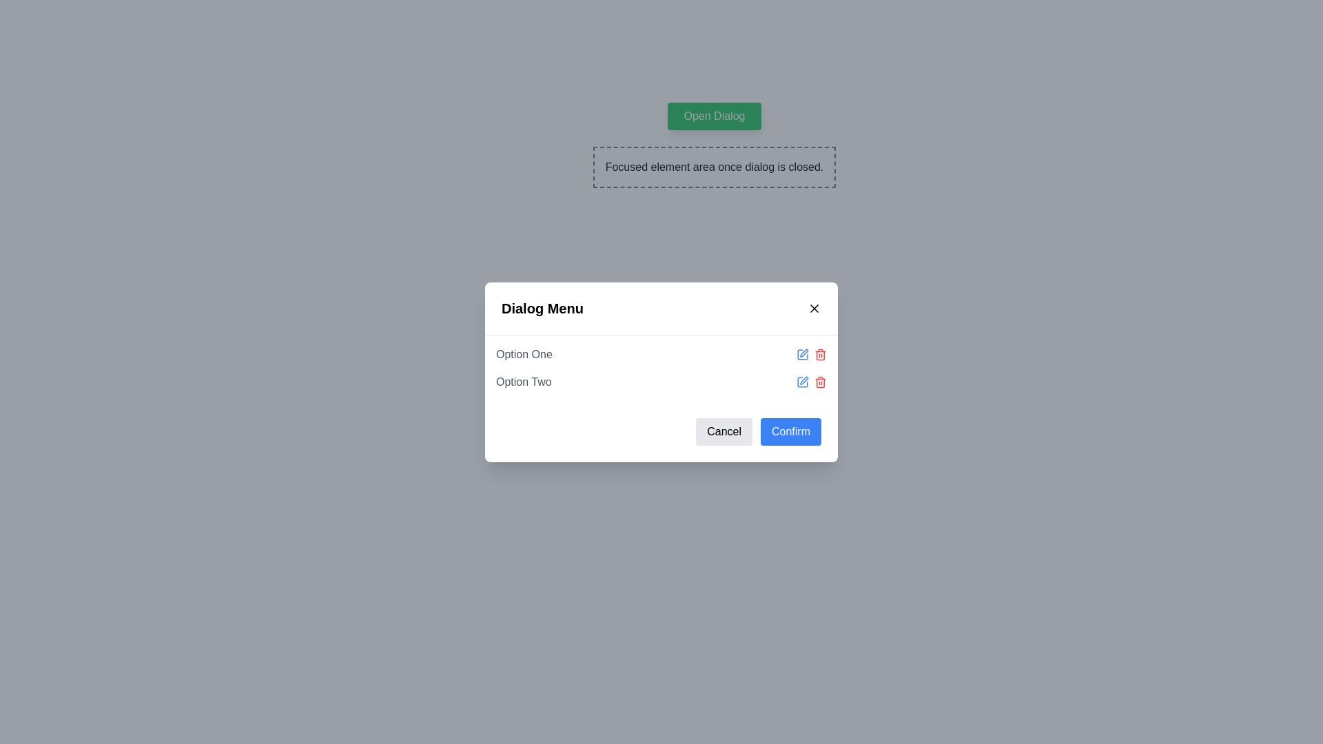 This screenshot has height=744, width=1323. I want to click on the edit icon button, so click(803, 353).